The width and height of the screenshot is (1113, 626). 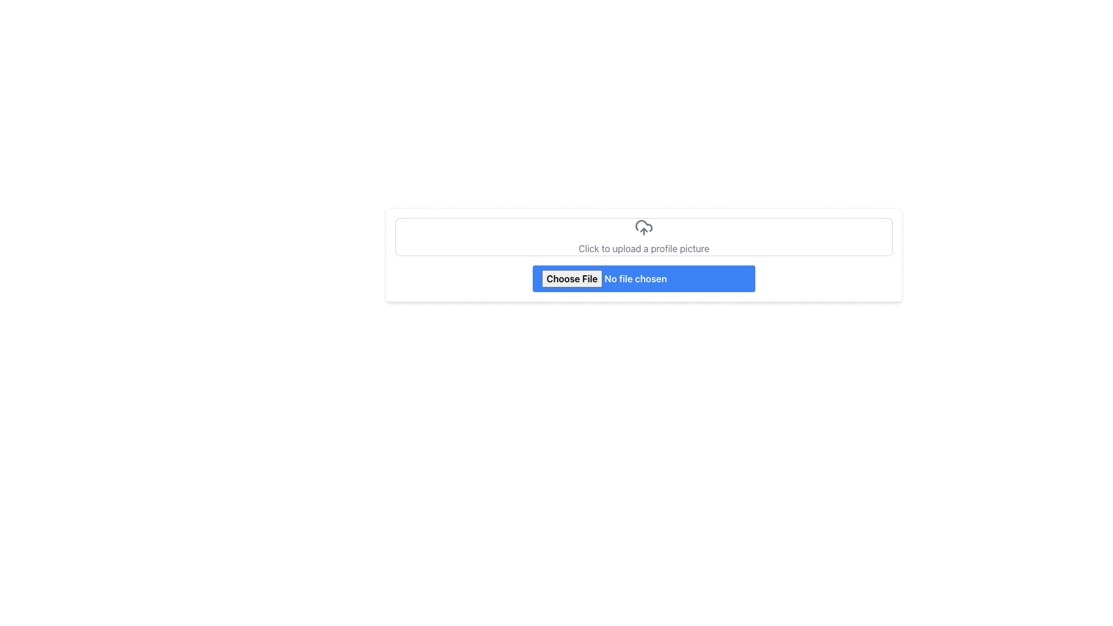 I want to click on the interactive icon resembling an upward arrow within a cloud, which is positioned above the text 'Click to upload a profile picture', so click(x=643, y=236).